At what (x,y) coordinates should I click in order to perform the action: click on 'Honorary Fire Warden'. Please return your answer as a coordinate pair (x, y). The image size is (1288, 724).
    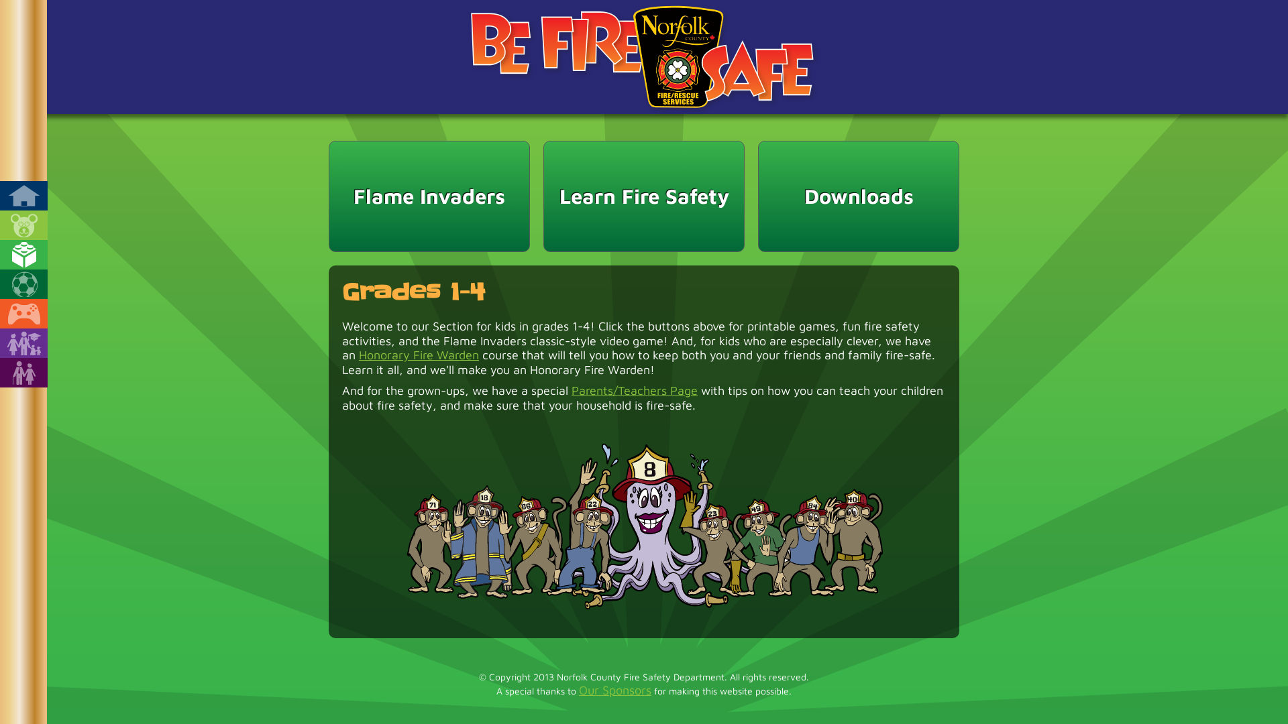
    Looking at the image, I should click on (418, 354).